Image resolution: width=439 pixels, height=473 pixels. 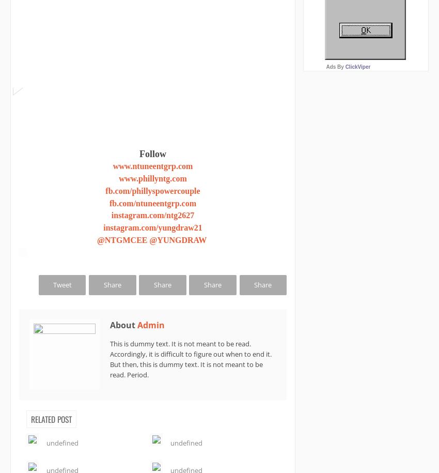 What do you see at coordinates (152, 154) in the screenshot?
I see `'Follow'` at bounding box center [152, 154].